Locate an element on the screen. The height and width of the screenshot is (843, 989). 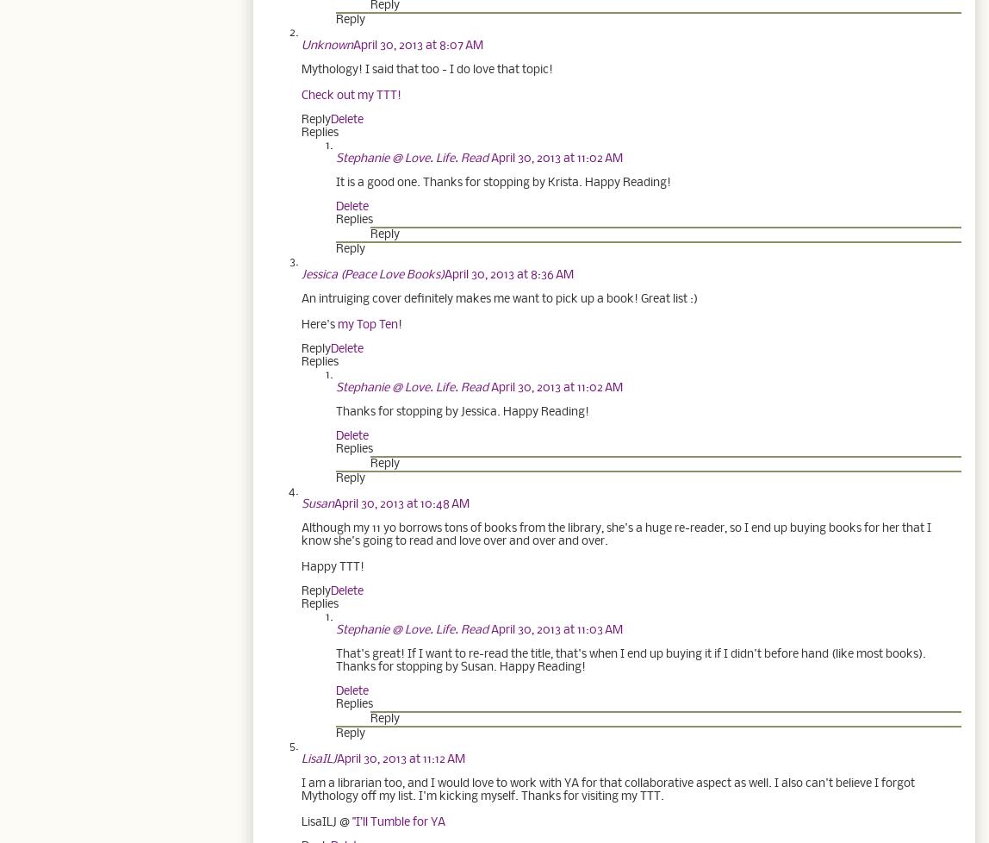
'my Top Ten' is located at coordinates (338, 323).